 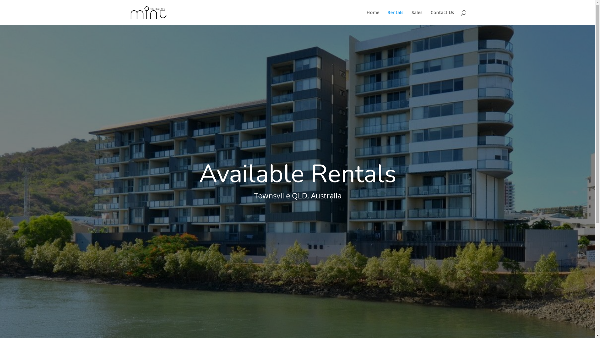 What do you see at coordinates (417, 17) in the screenshot?
I see `'Sales'` at bounding box center [417, 17].